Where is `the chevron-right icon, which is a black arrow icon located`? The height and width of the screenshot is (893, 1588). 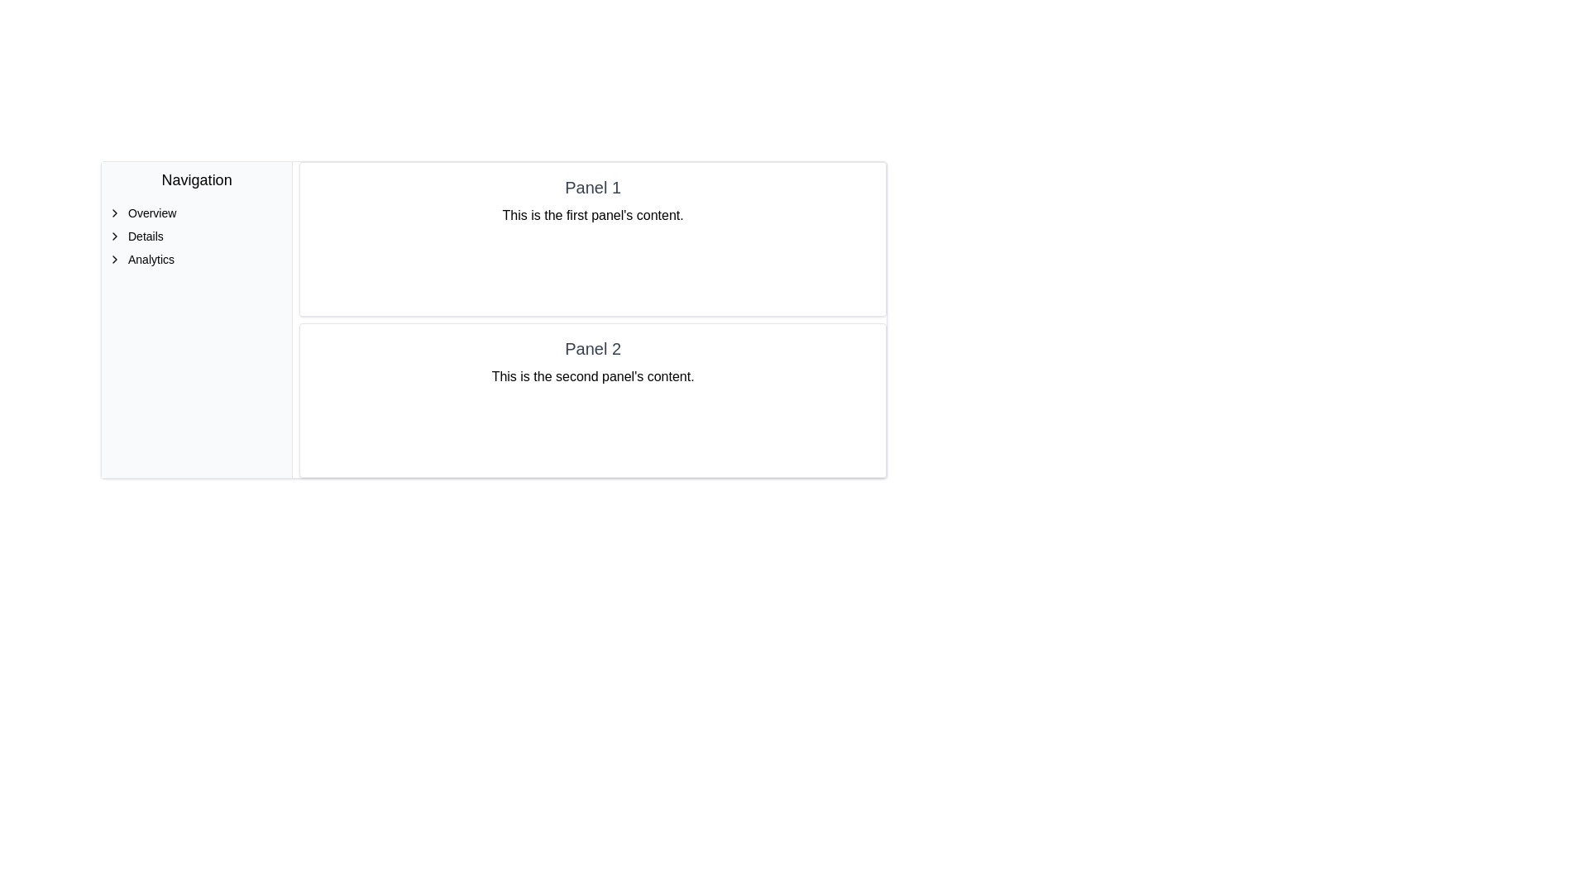 the chevron-right icon, which is a black arrow icon located is located at coordinates (114, 236).